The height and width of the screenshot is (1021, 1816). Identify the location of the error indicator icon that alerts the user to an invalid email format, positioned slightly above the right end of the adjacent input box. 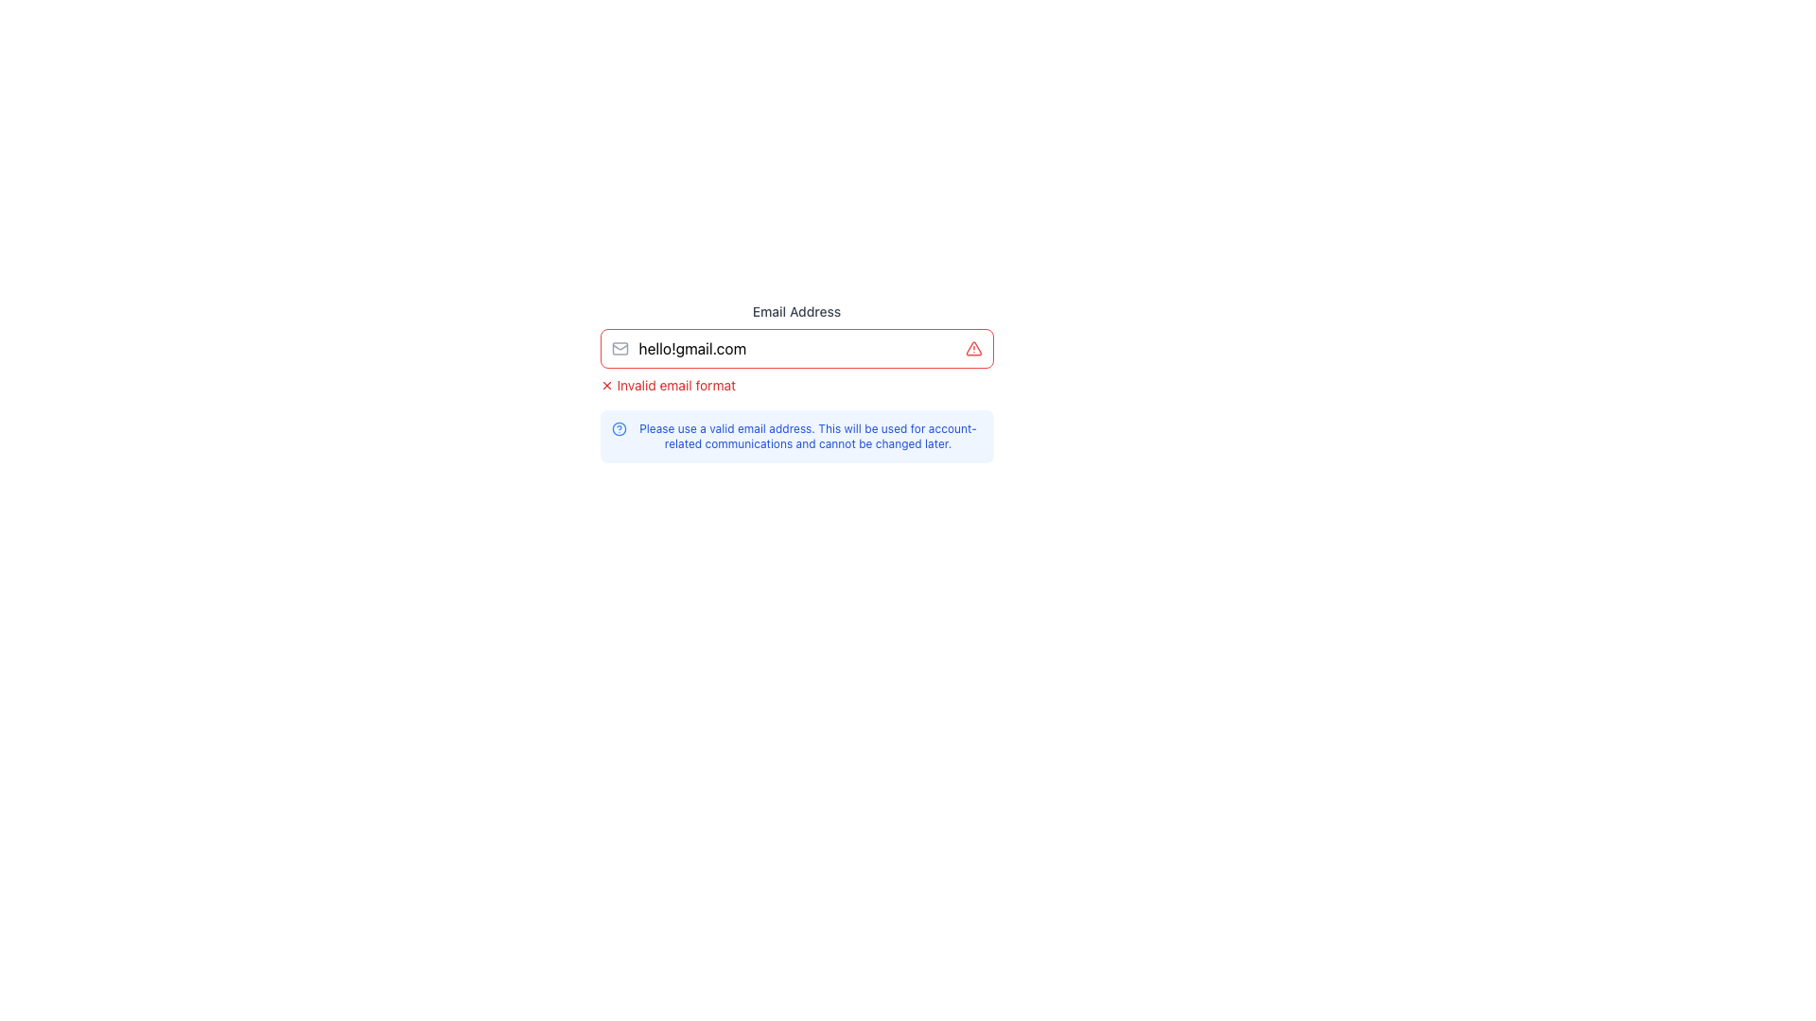
(973, 349).